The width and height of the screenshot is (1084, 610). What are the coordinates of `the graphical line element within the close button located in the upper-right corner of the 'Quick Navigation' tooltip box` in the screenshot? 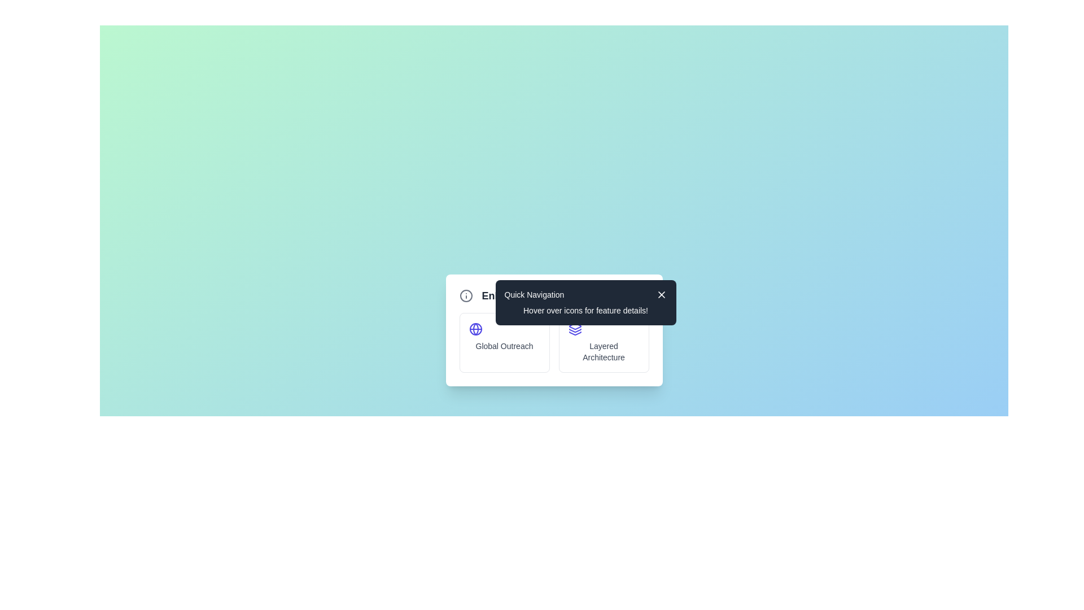 It's located at (661, 294).